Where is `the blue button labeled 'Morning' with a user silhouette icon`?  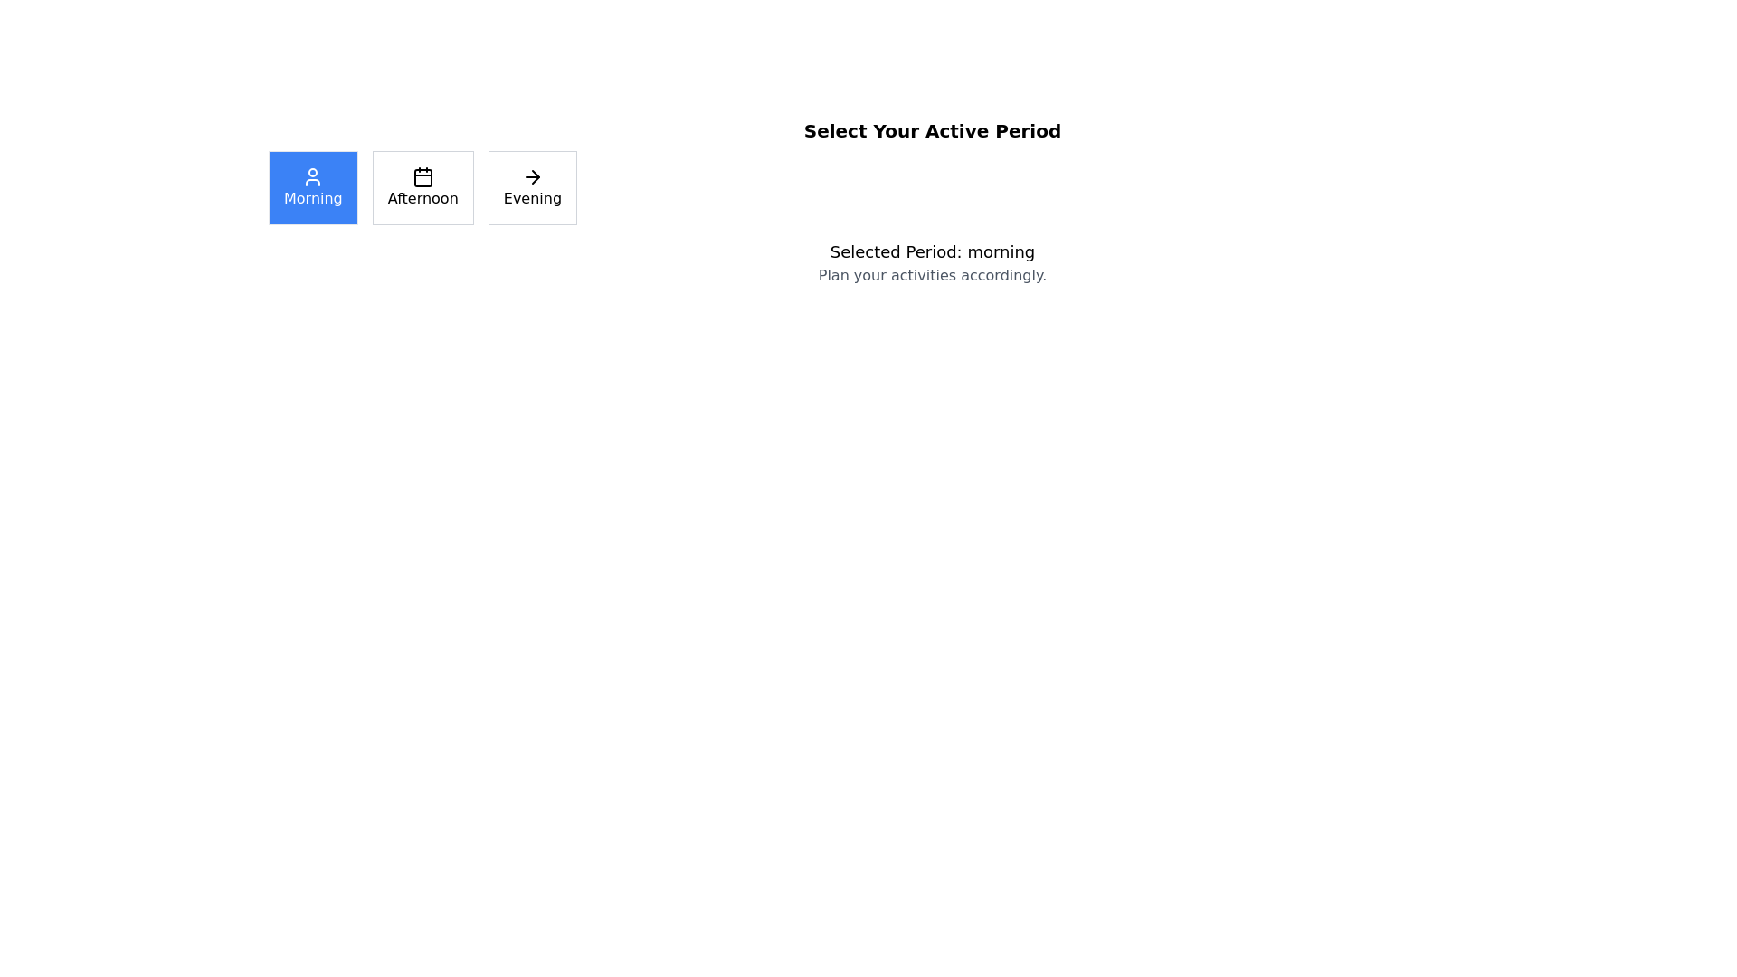 the blue button labeled 'Morning' with a user silhouette icon is located at coordinates (313, 188).